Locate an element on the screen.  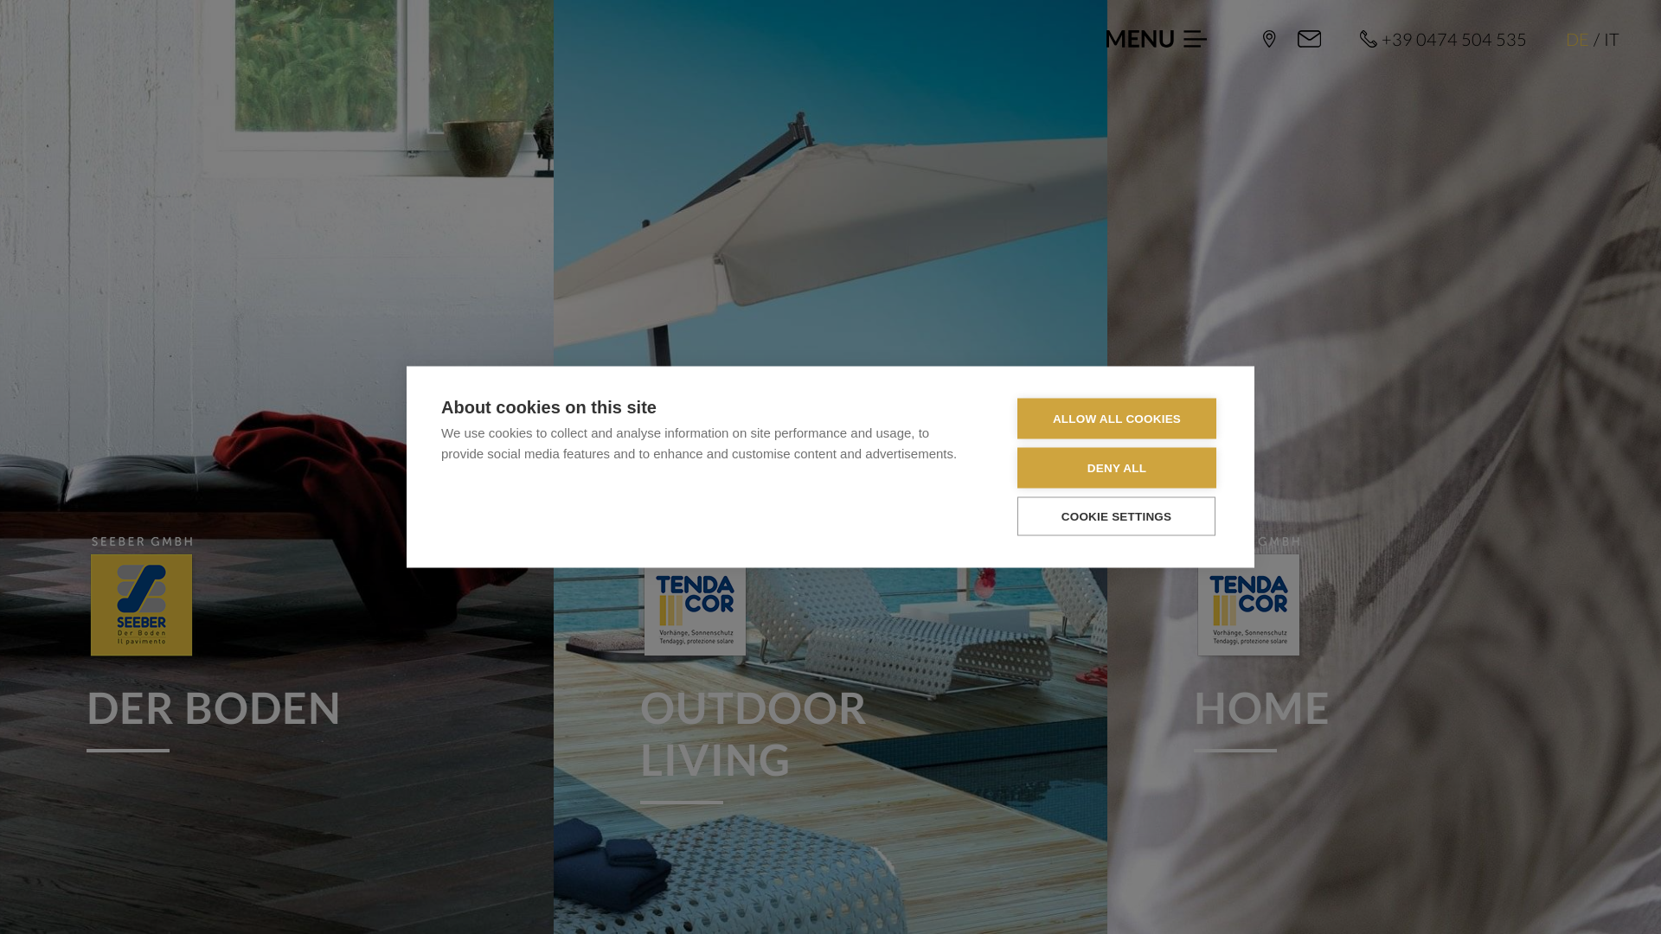
'Folgen Sie uns auf' is located at coordinates (1539, 873).